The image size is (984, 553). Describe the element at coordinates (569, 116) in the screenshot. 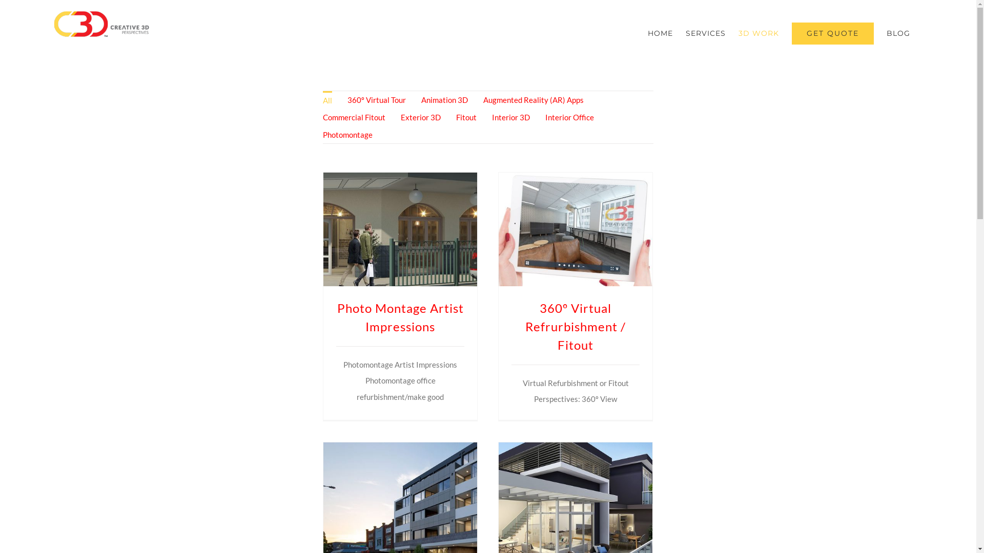

I see `'Interior Office'` at that location.